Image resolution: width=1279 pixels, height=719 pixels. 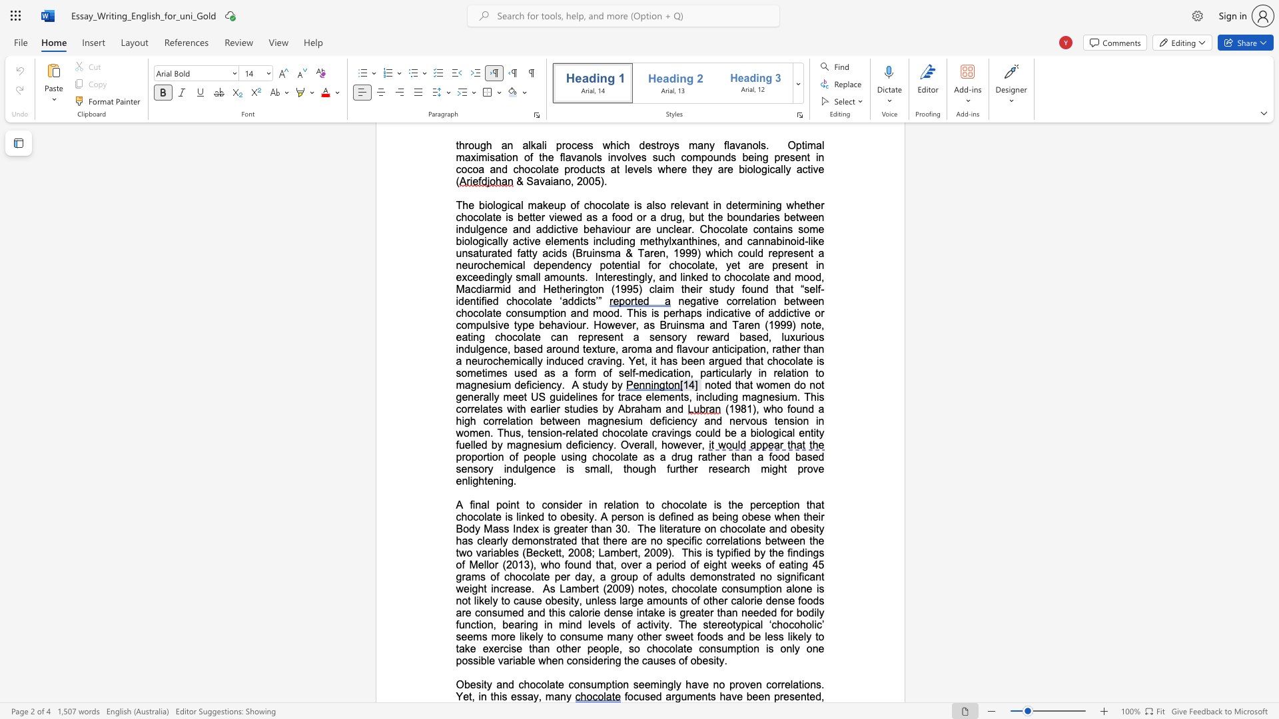 I want to click on the subset text "essay, man" within the text "no proven correlations. Yet, in this essay, many", so click(x=510, y=696).